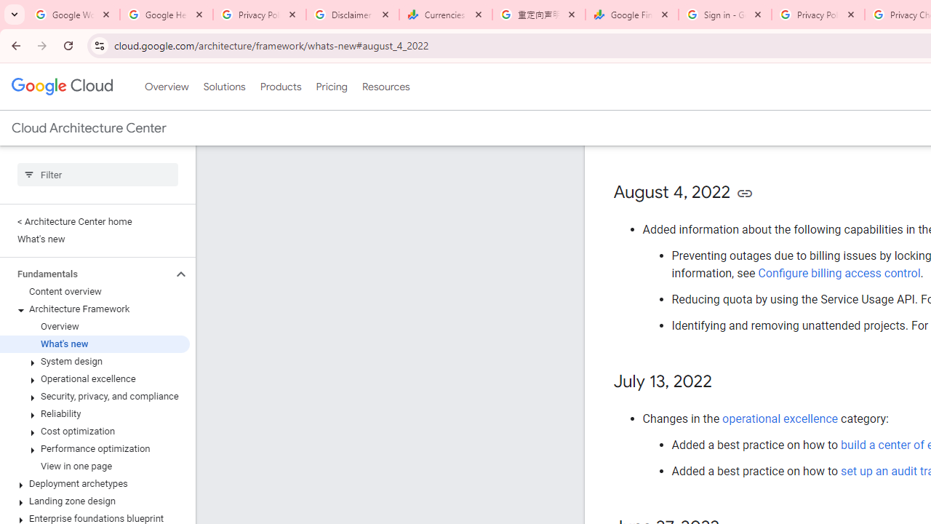 This screenshot has width=931, height=524. I want to click on 'Google Workspace Admin Community', so click(73, 15).